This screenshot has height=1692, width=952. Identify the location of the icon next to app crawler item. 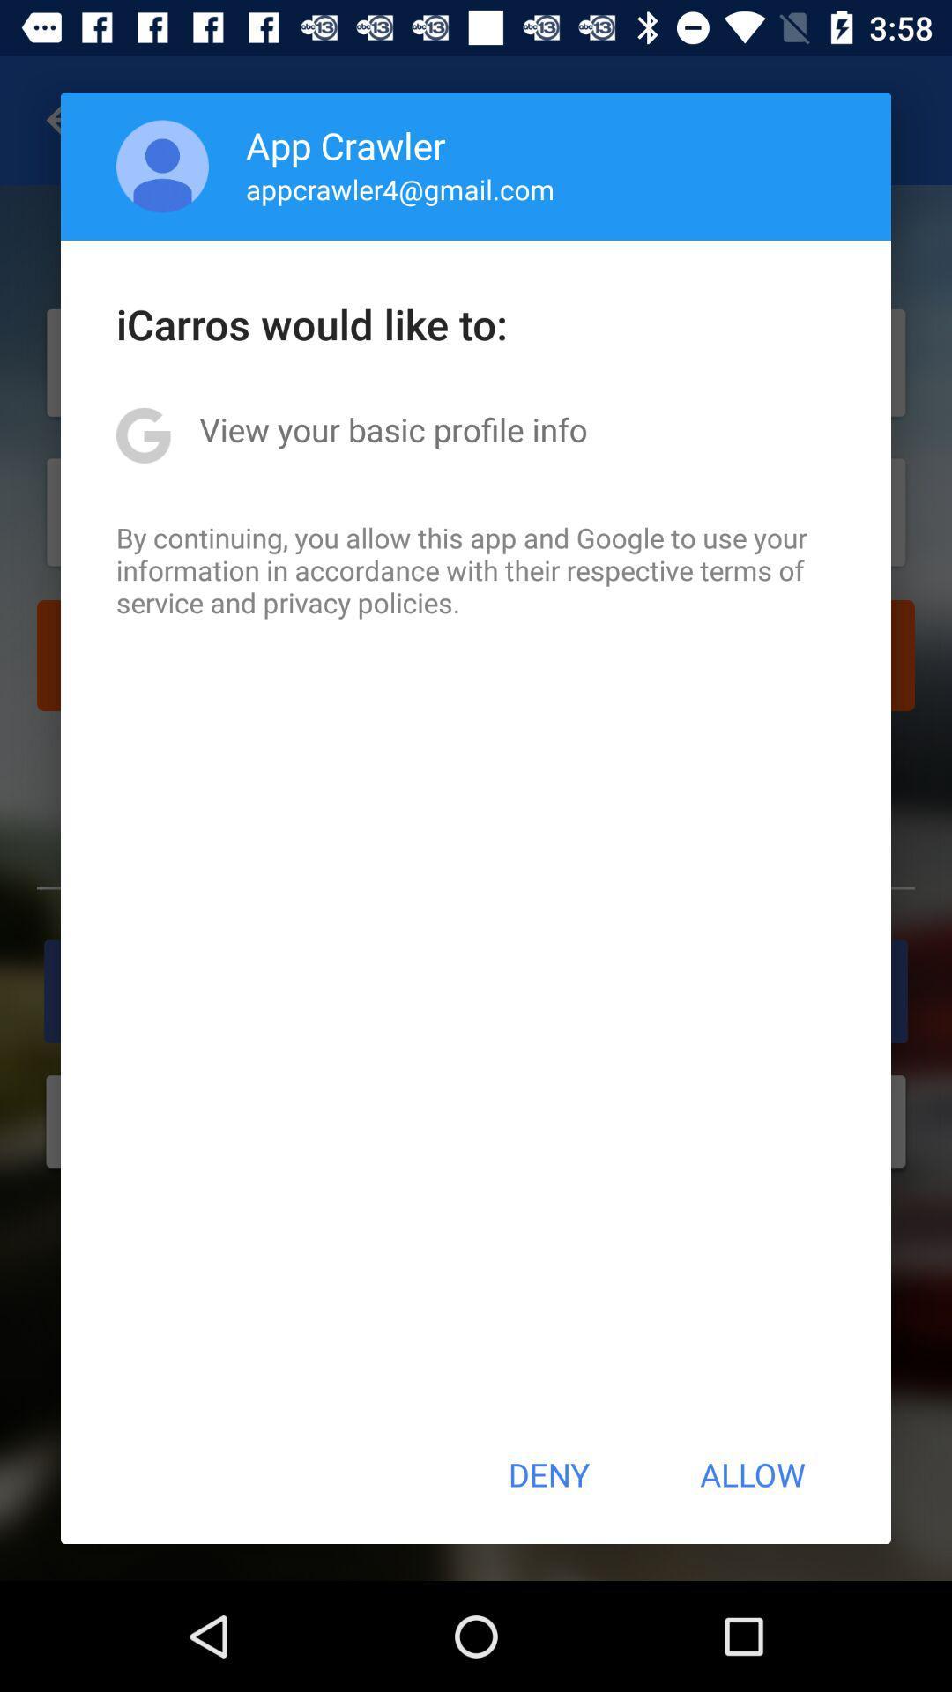
(162, 166).